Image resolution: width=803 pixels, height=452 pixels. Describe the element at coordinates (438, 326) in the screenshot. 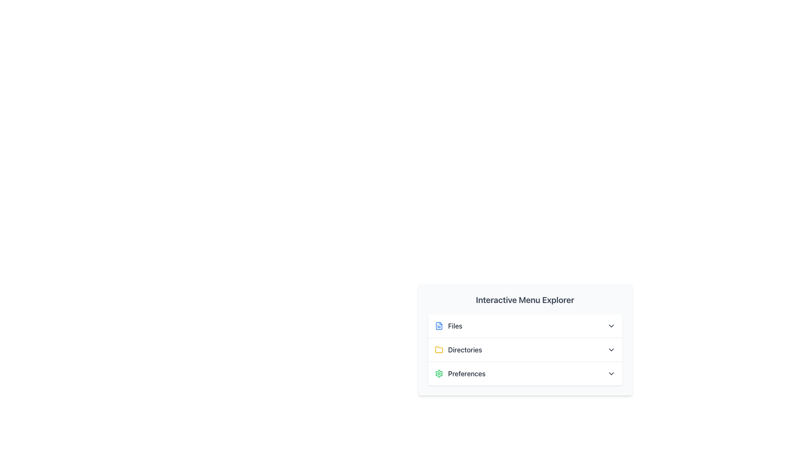

I see `the 'Files' icon located at the far left of the 'Files' label` at that location.